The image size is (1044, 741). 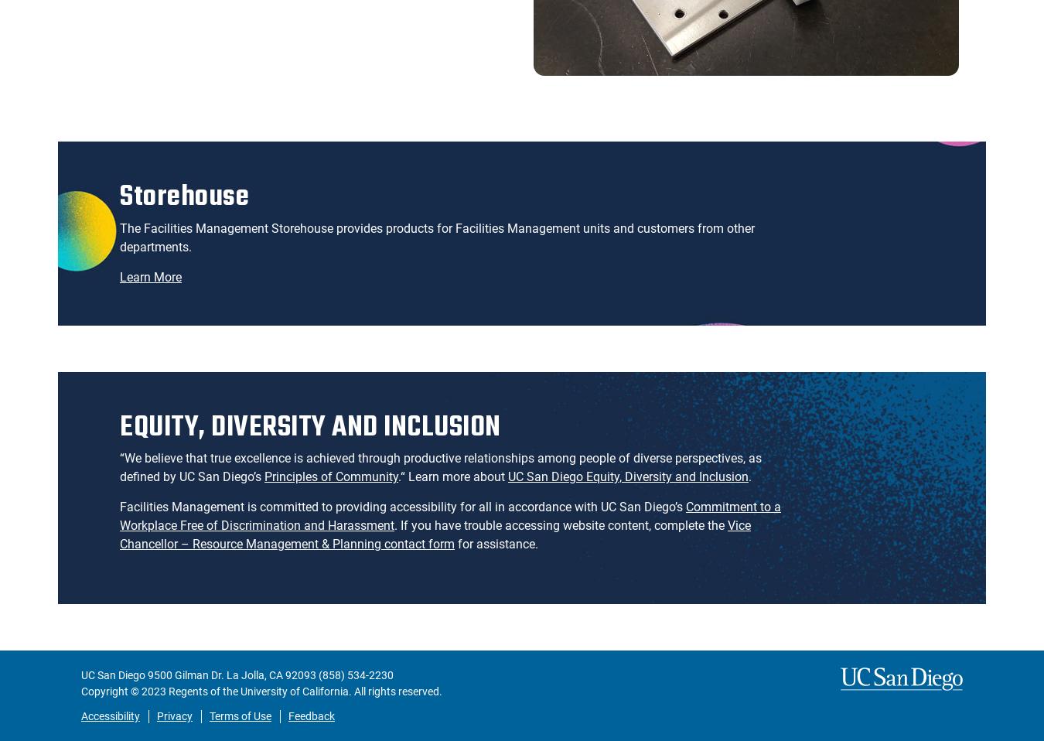 I want to click on 'Regents of the University of California.
        All rights reserved.', so click(x=304, y=691).